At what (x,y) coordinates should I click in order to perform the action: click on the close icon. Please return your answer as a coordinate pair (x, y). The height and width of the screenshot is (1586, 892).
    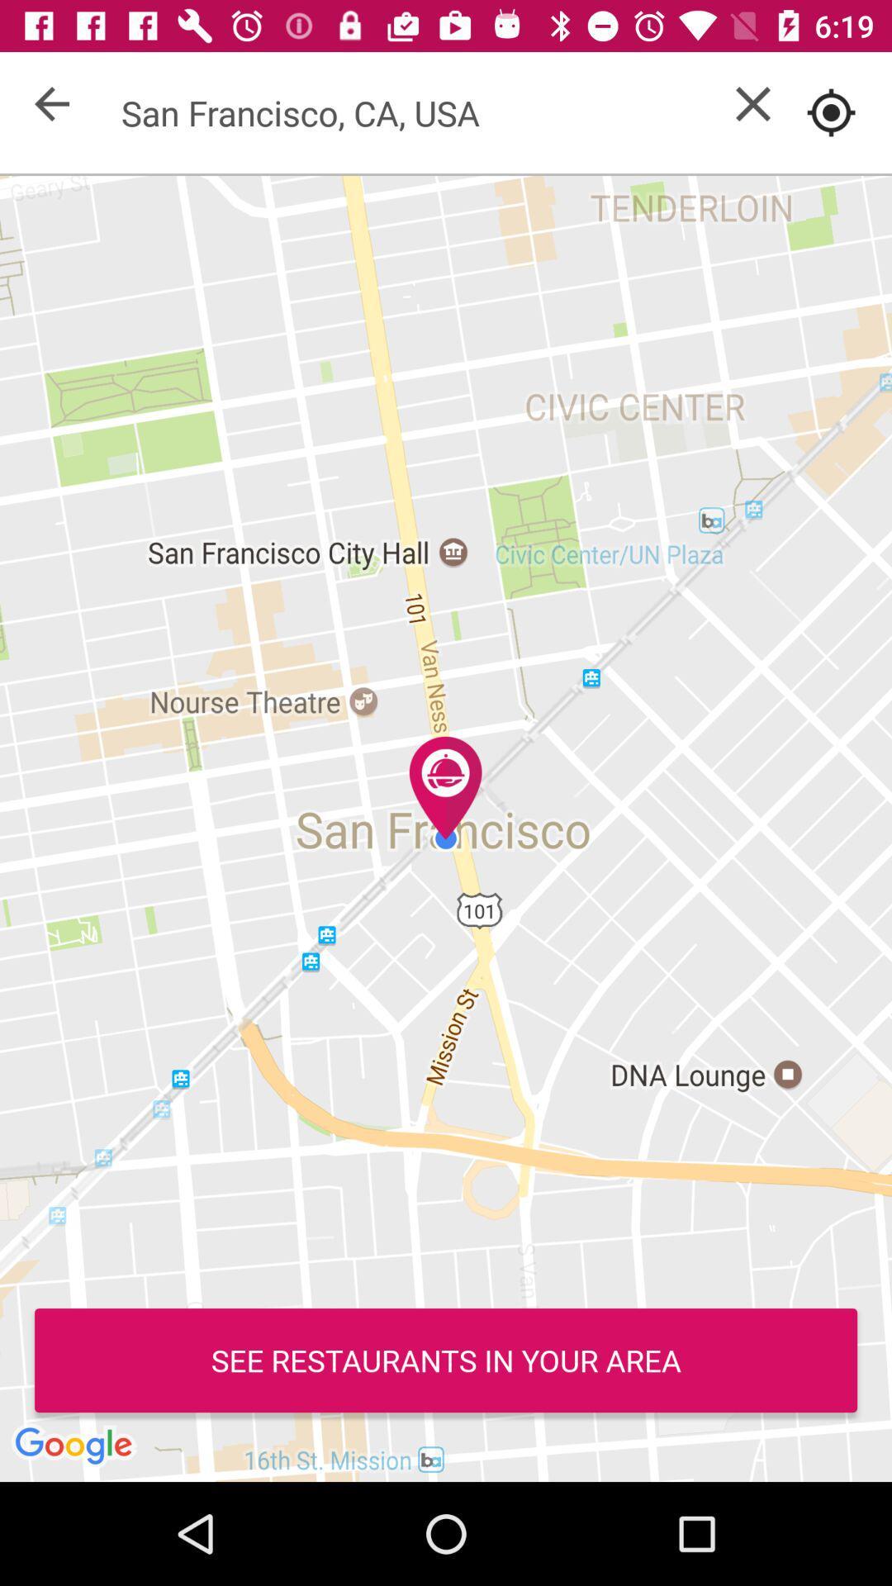
    Looking at the image, I should click on (752, 102).